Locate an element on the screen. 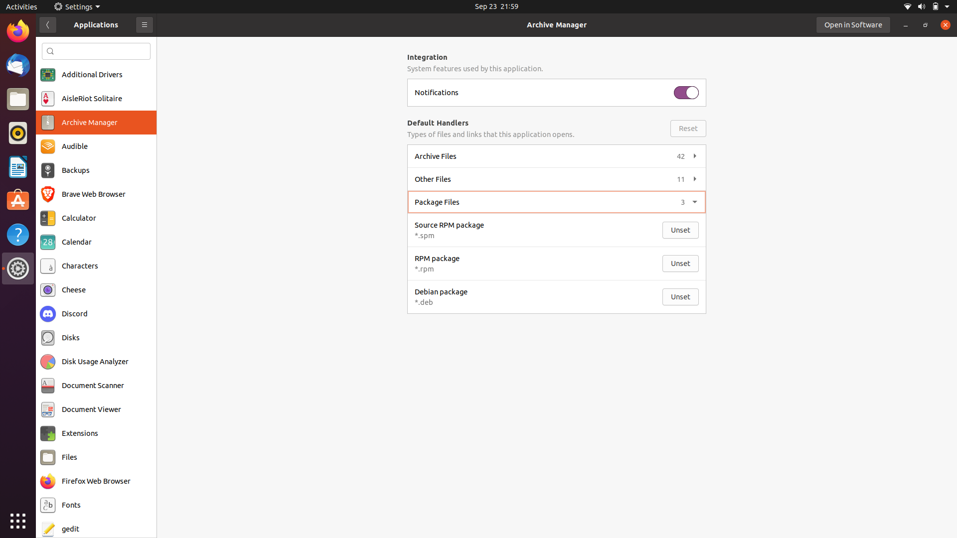  Execute unset rpm package is located at coordinates (680, 263).